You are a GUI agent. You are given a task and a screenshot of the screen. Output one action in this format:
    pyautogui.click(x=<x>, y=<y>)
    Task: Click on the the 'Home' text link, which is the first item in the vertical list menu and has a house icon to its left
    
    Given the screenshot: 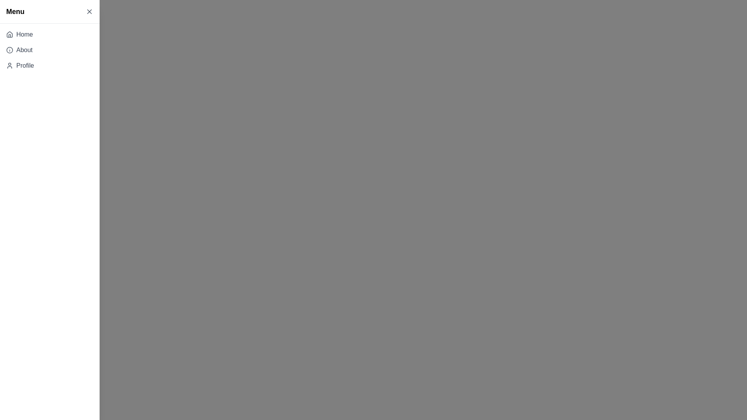 What is the action you would take?
    pyautogui.click(x=25, y=34)
    